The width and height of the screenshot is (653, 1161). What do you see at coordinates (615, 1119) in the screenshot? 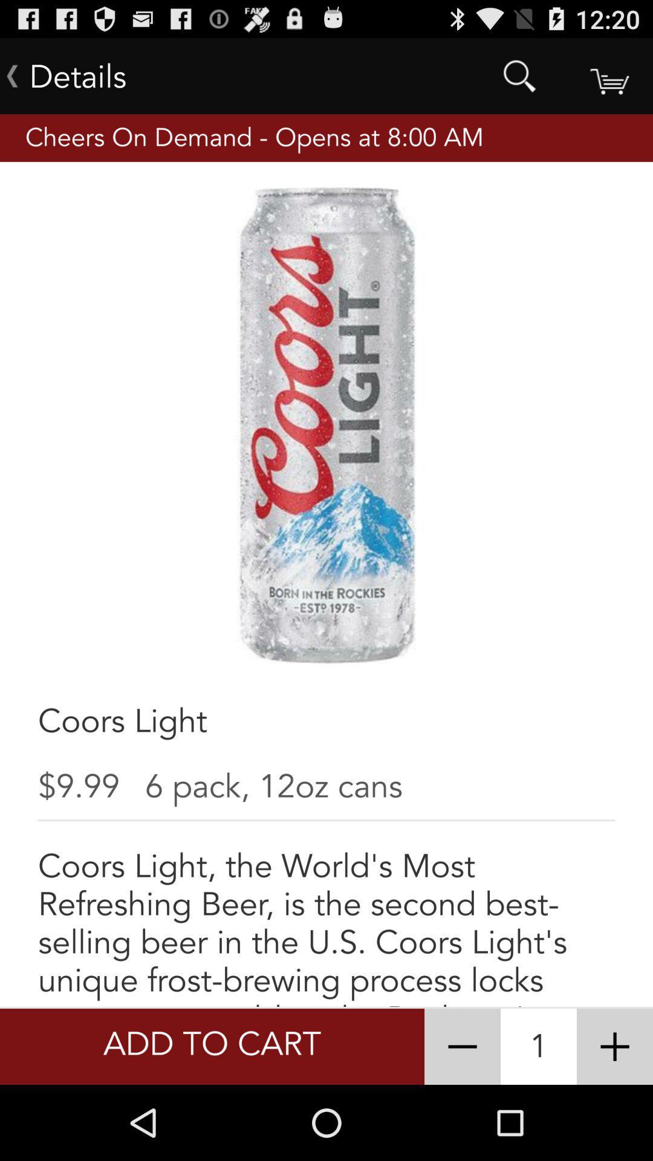
I see `the add icon` at bounding box center [615, 1119].